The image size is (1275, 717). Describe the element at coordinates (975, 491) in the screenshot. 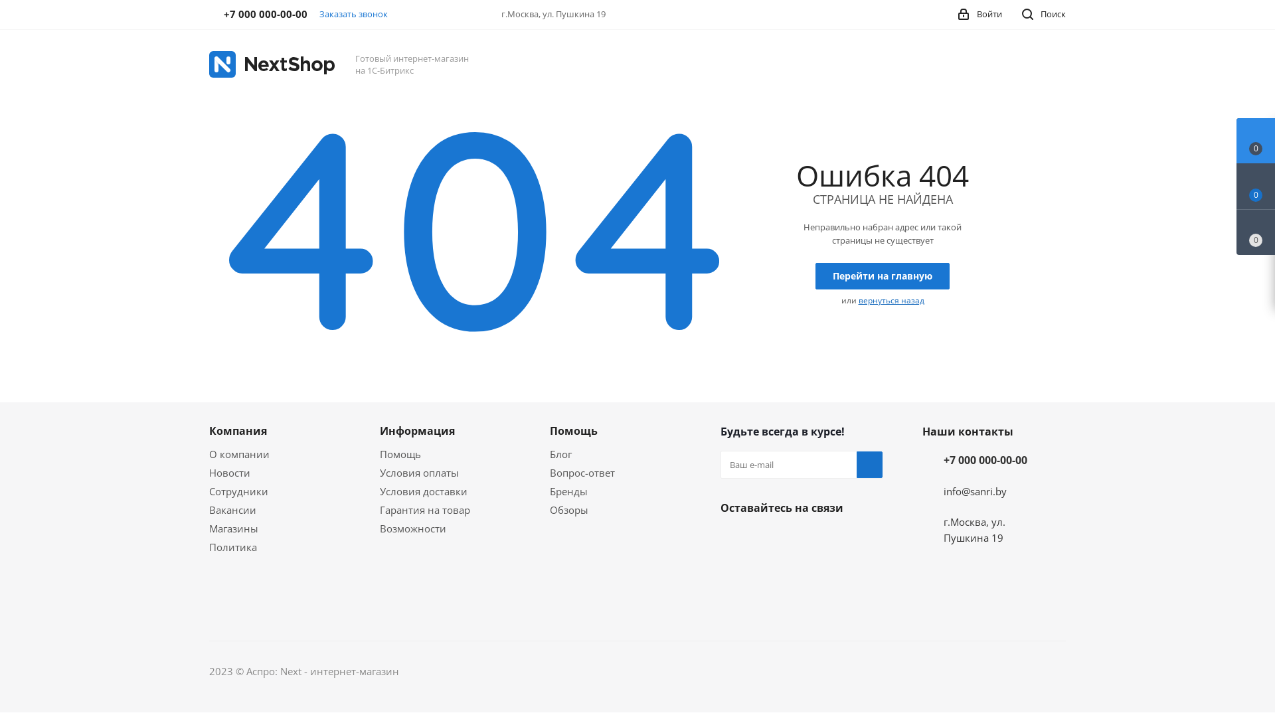

I see `'info@sanri.by'` at that location.